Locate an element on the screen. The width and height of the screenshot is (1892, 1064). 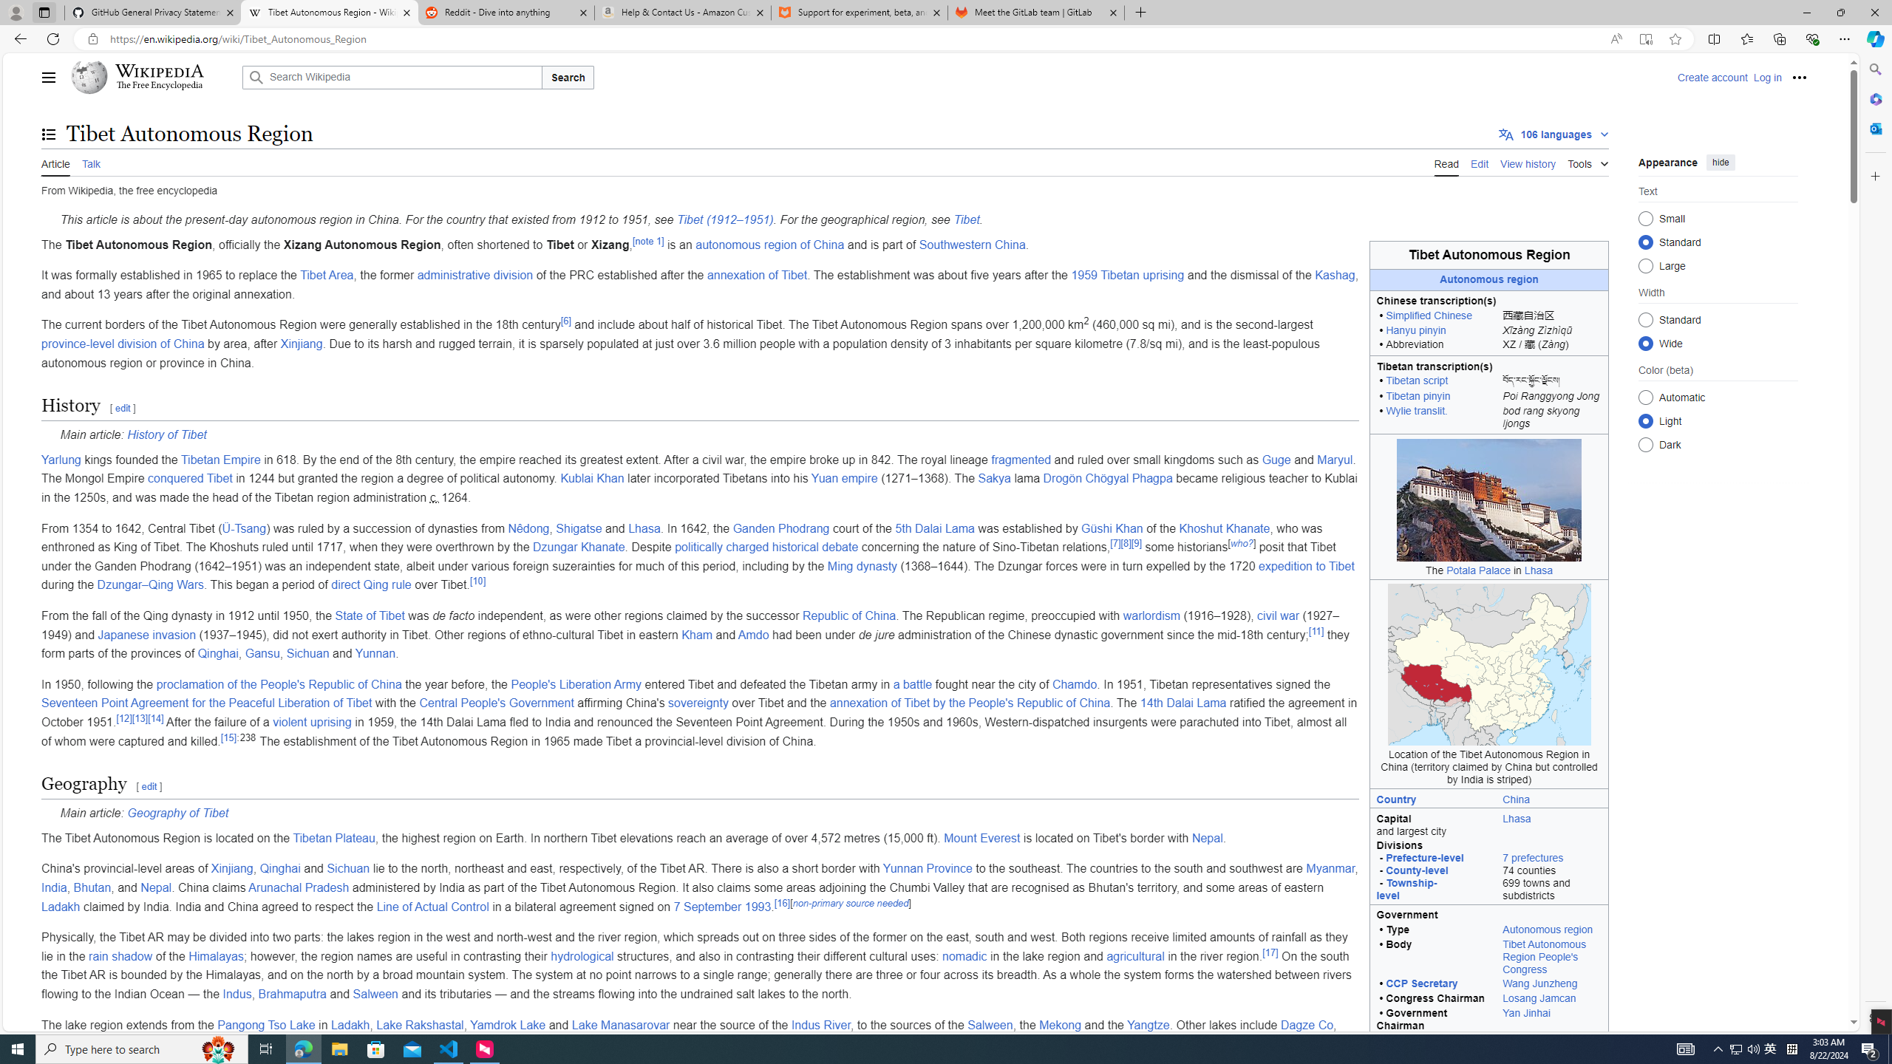
'sovereignty' is located at coordinates (697, 702).